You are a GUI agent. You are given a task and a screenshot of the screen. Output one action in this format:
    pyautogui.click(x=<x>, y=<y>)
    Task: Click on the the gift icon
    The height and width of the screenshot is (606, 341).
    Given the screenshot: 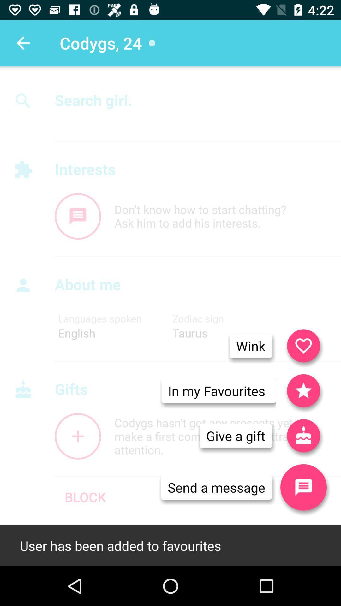 What is the action you would take?
    pyautogui.click(x=303, y=435)
    